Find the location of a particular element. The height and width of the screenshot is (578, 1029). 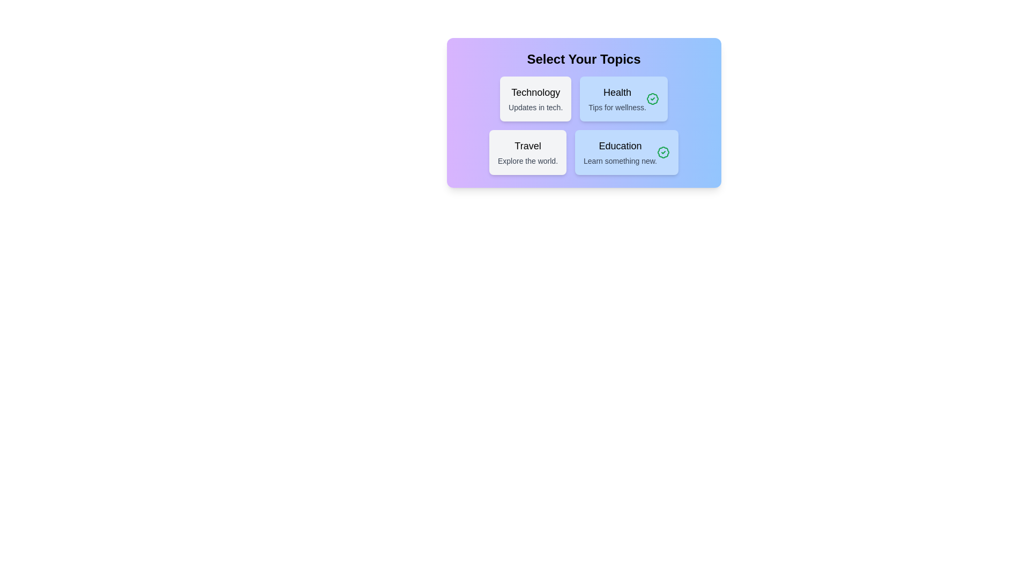

the description of the chip labeled Technology is located at coordinates (535, 99).